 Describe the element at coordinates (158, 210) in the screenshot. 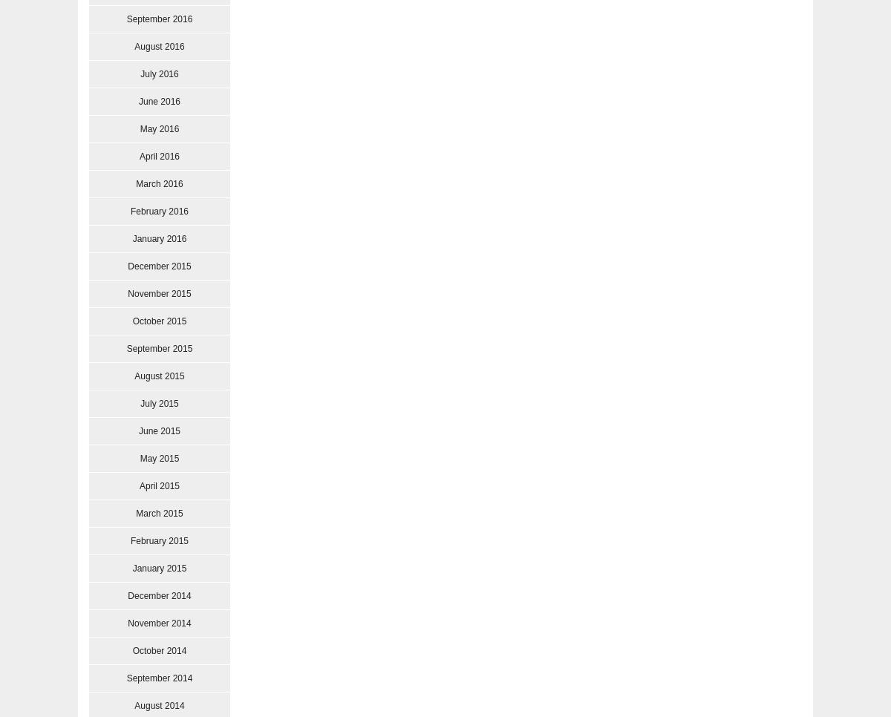

I see `'February 2016'` at that location.